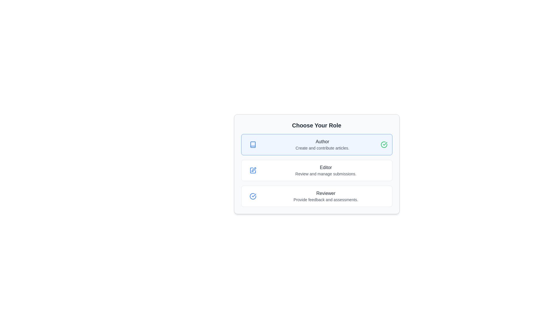 Image resolution: width=552 pixels, height=310 pixels. What do you see at coordinates (253, 170) in the screenshot?
I see `the appearance of the blue pen icon within a white square, which represents editing functionality, located in the middle column of the 'Choose Your Role' selection interface near the text 'Editor'` at bounding box center [253, 170].